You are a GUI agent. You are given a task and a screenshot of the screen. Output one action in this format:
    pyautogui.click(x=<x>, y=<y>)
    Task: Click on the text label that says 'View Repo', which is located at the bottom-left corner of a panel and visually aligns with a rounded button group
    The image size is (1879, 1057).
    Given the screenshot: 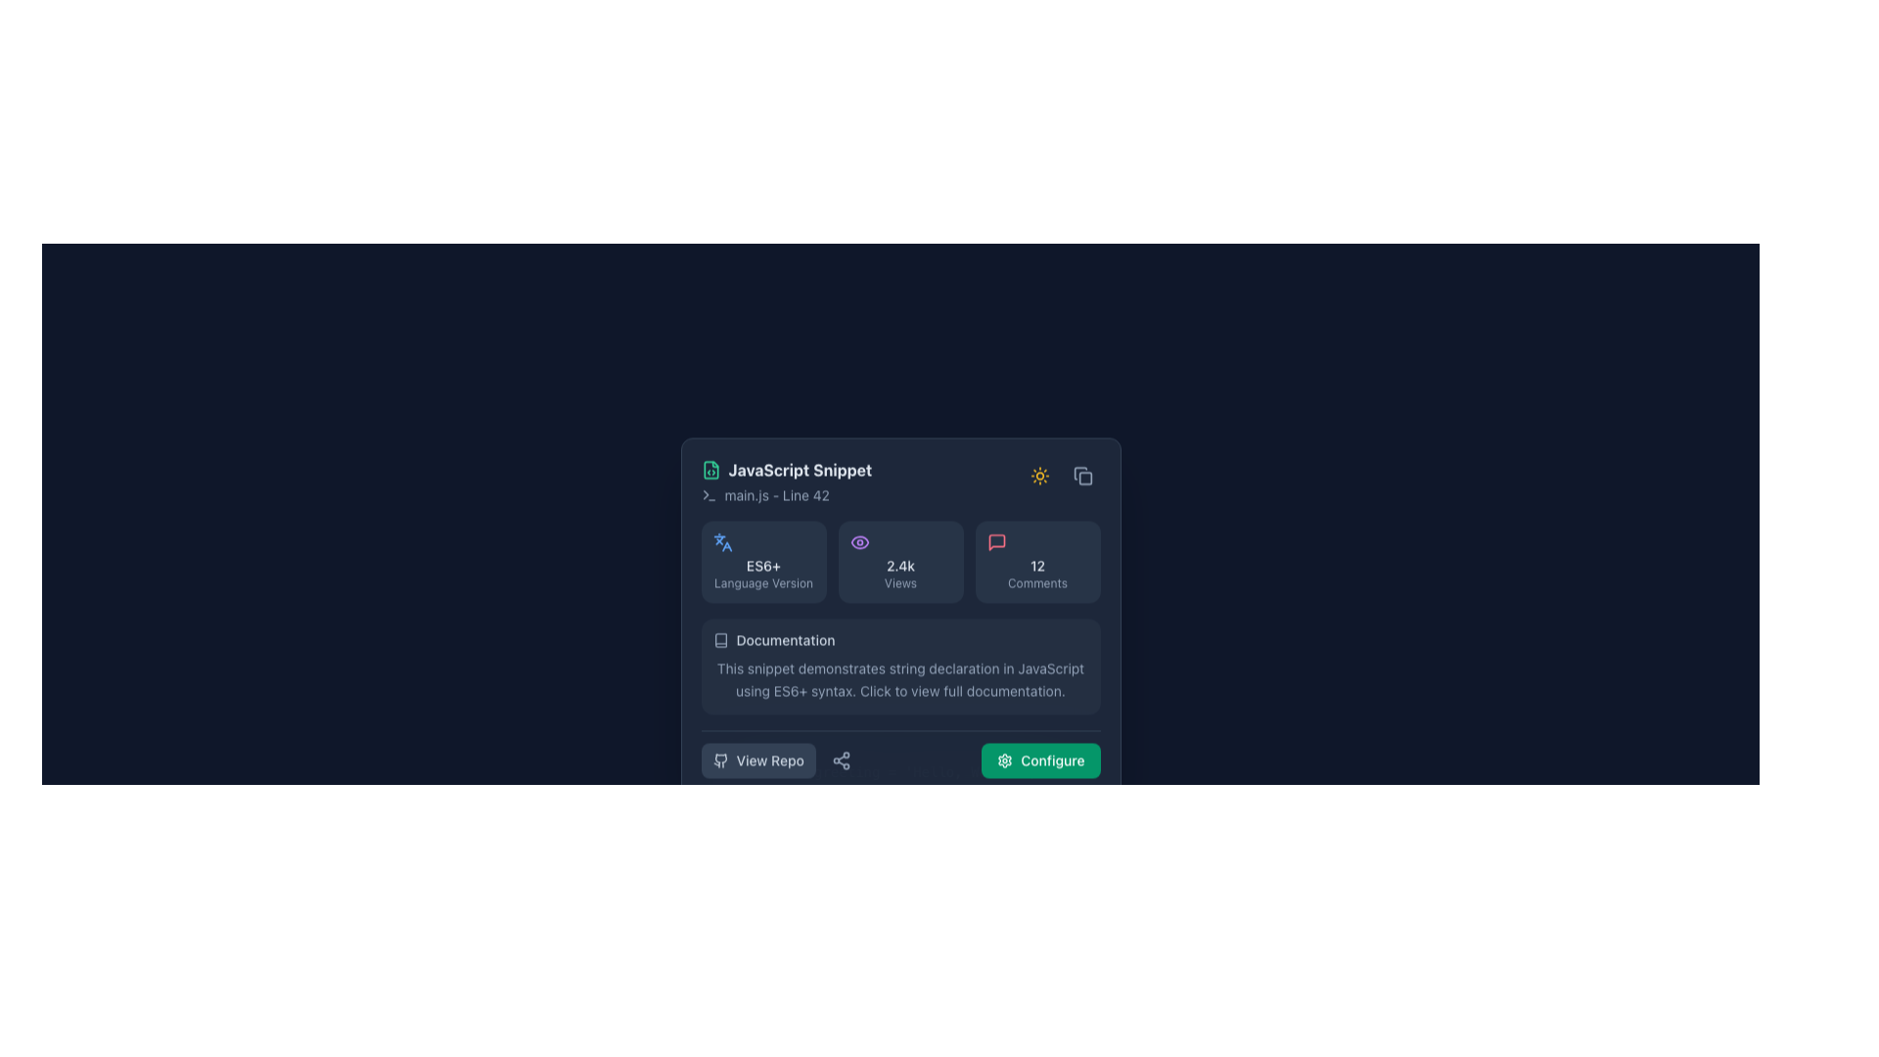 What is the action you would take?
    pyautogui.click(x=769, y=758)
    